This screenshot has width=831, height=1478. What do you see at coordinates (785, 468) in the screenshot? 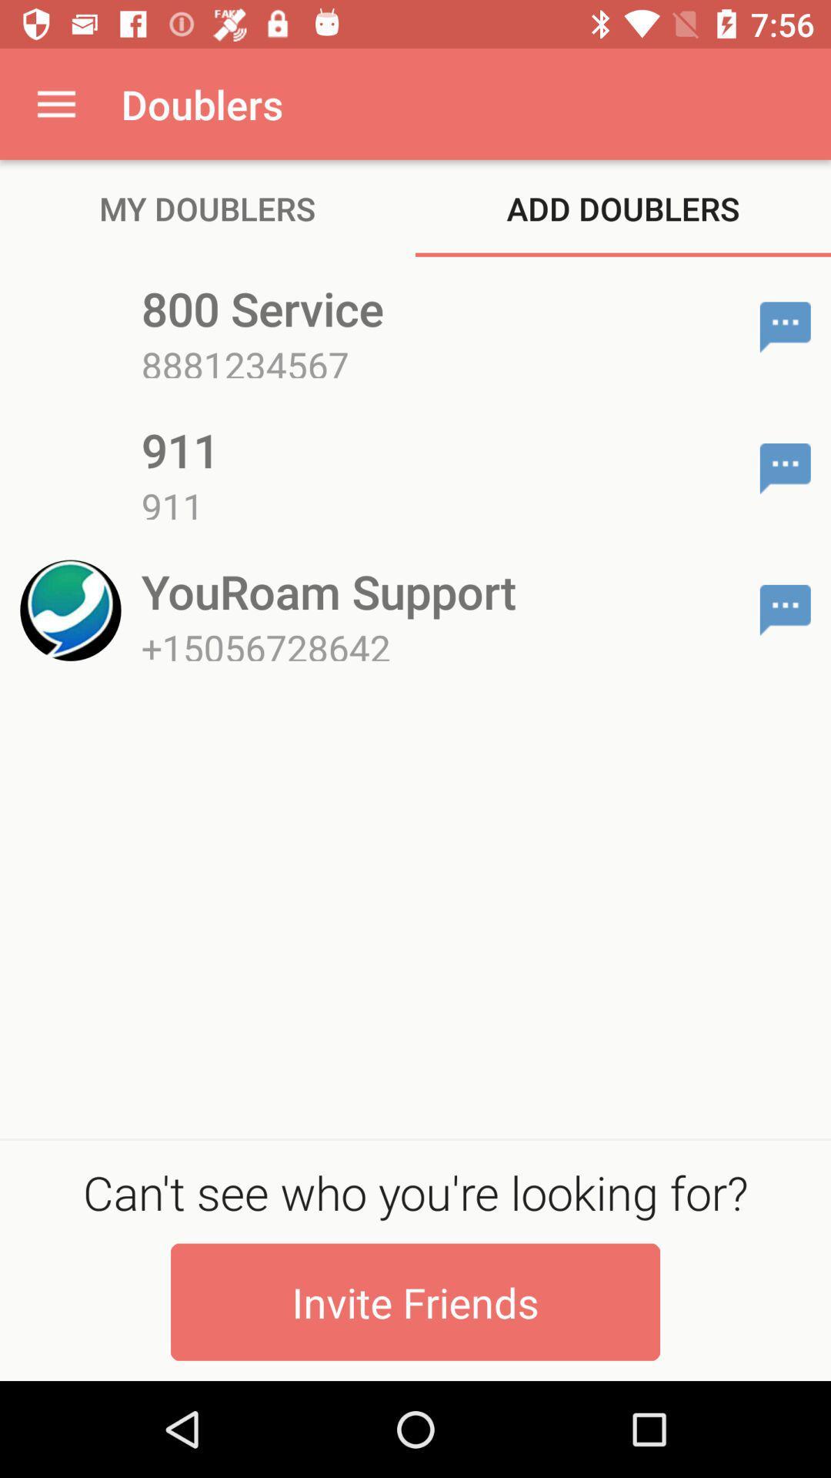
I see `open message from 911` at bounding box center [785, 468].